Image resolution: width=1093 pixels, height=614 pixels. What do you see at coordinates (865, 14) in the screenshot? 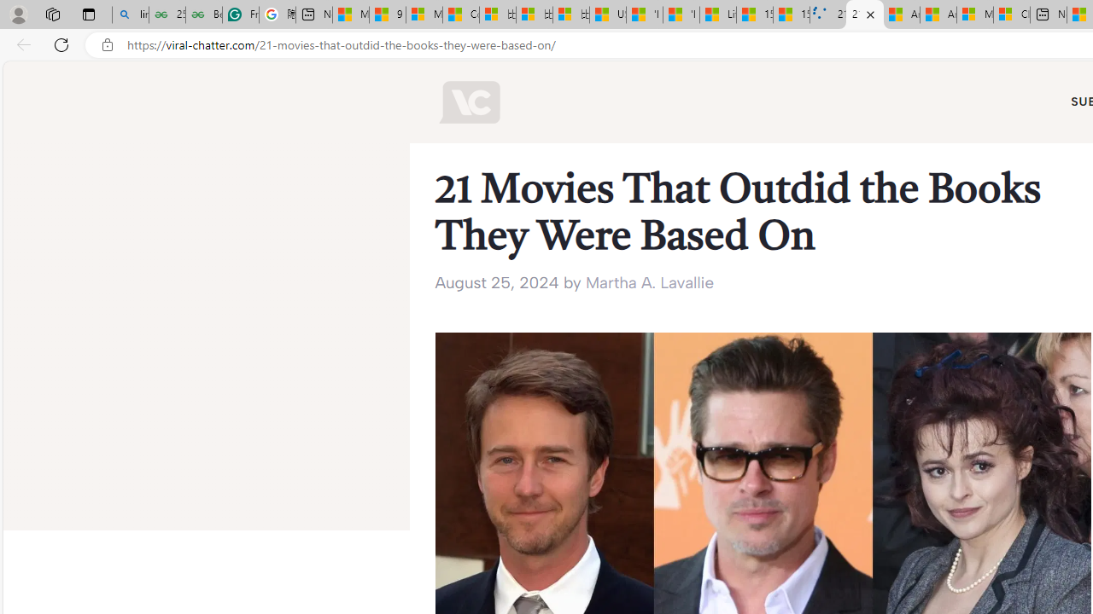
I see `'21 Movies That Outdid the Books They Were Based On'` at bounding box center [865, 14].